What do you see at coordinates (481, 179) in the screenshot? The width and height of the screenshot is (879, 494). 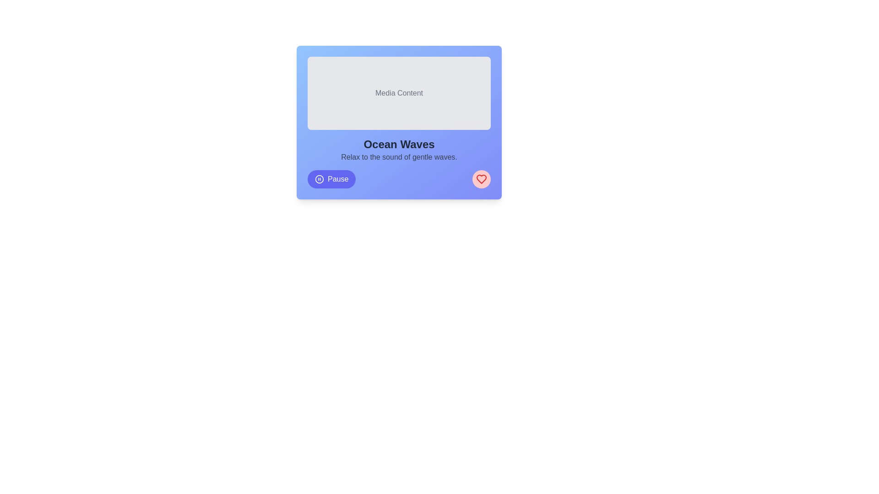 I see `the 'like' or 'favorite' button located in the bottom-right corner of the card layout` at bounding box center [481, 179].